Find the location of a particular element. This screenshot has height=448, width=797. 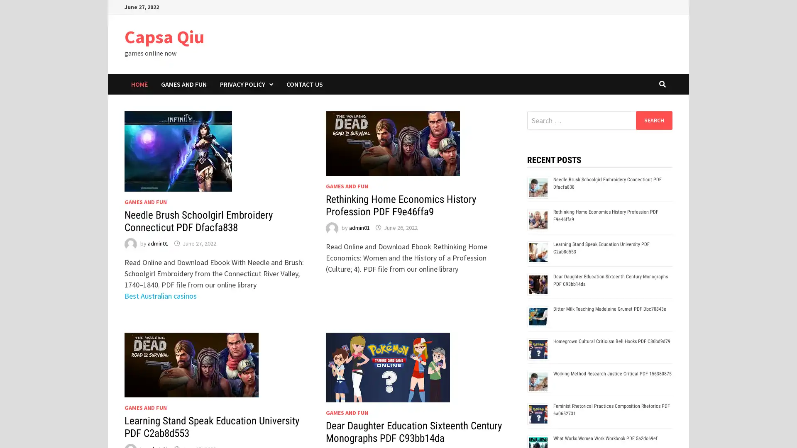

Search is located at coordinates (653, 120).